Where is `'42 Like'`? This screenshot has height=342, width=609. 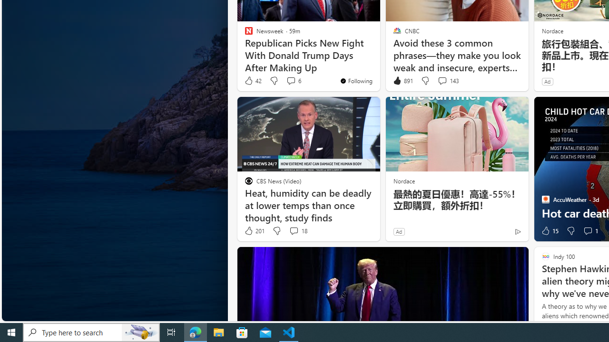 '42 Like' is located at coordinates (253, 80).